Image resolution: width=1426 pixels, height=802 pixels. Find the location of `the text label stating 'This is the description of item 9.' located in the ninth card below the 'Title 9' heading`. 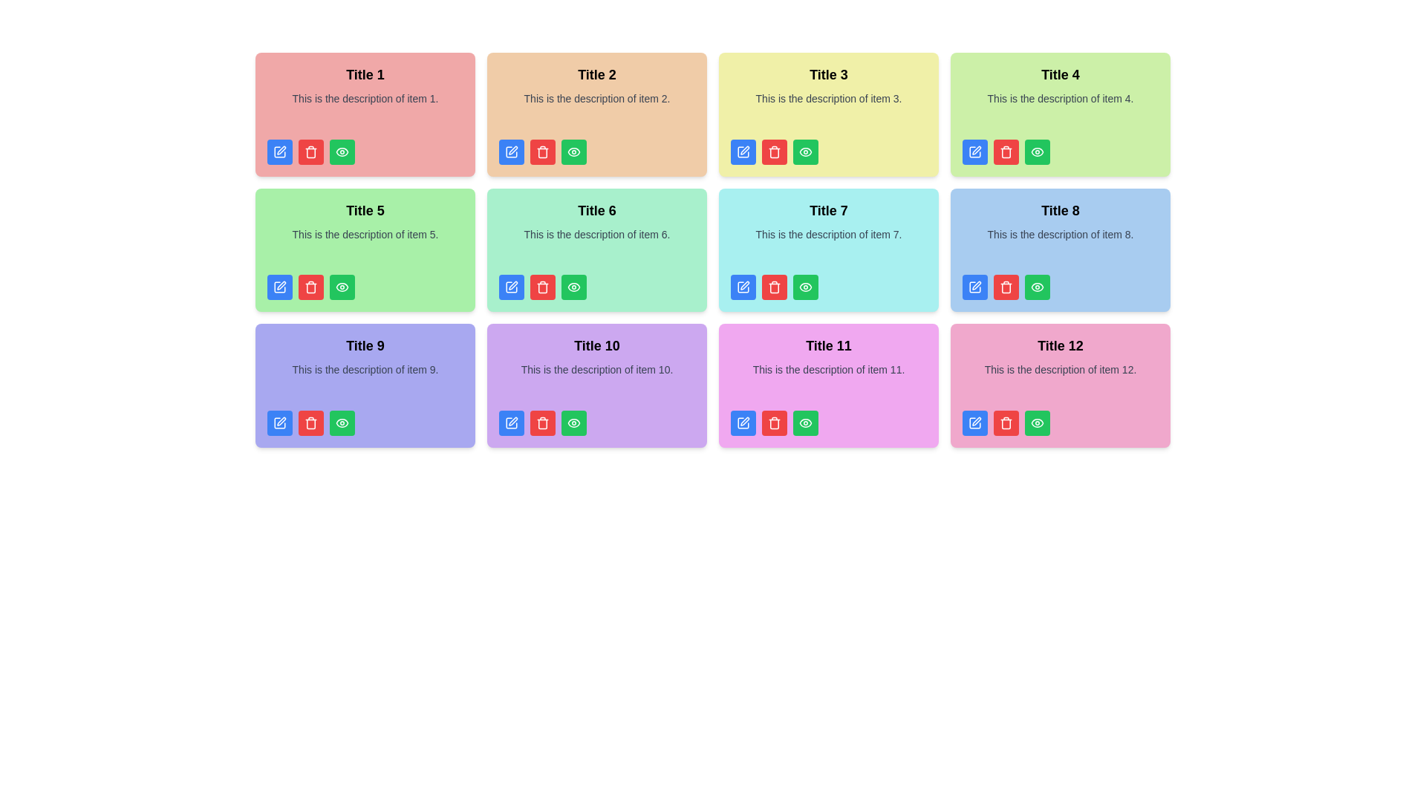

the text label stating 'This is the description of item 9.' located in the ninth card below the 'Title 9' heading is located at coordinates (365, 380).